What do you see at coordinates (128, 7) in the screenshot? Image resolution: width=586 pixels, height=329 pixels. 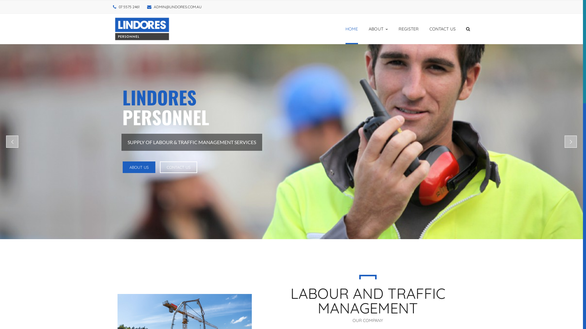 I see `'07 5575 2461'` at bounding box center [128, 7].